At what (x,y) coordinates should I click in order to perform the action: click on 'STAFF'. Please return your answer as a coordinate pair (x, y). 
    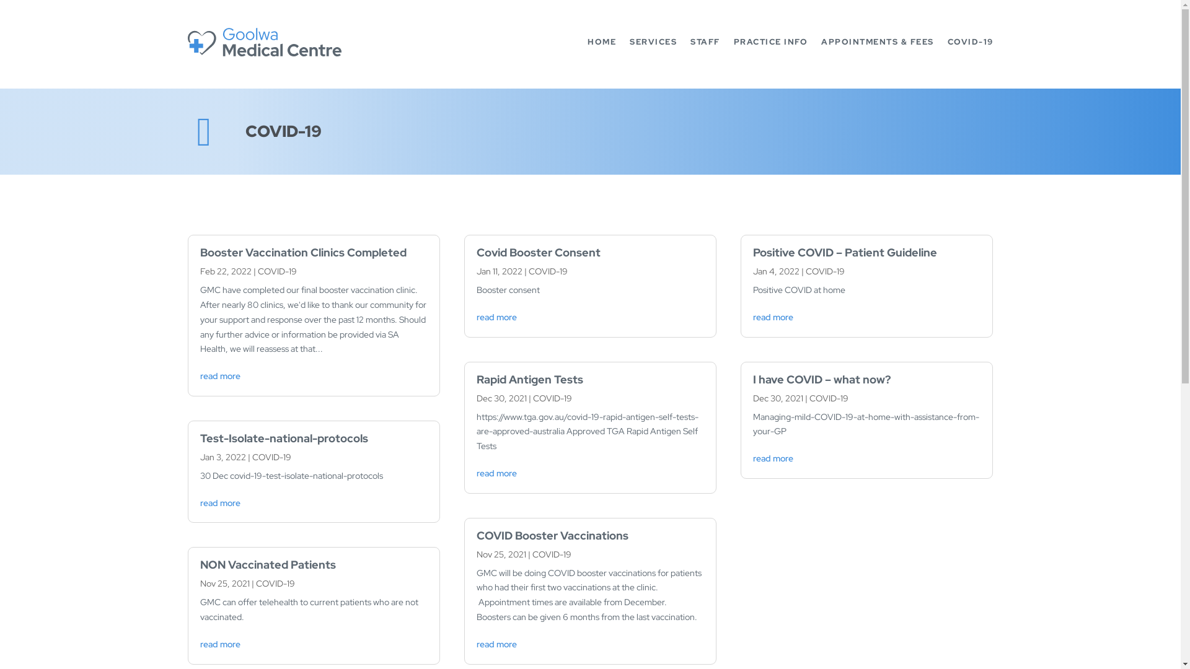
    Looking at the image, I should click on (705, 42).